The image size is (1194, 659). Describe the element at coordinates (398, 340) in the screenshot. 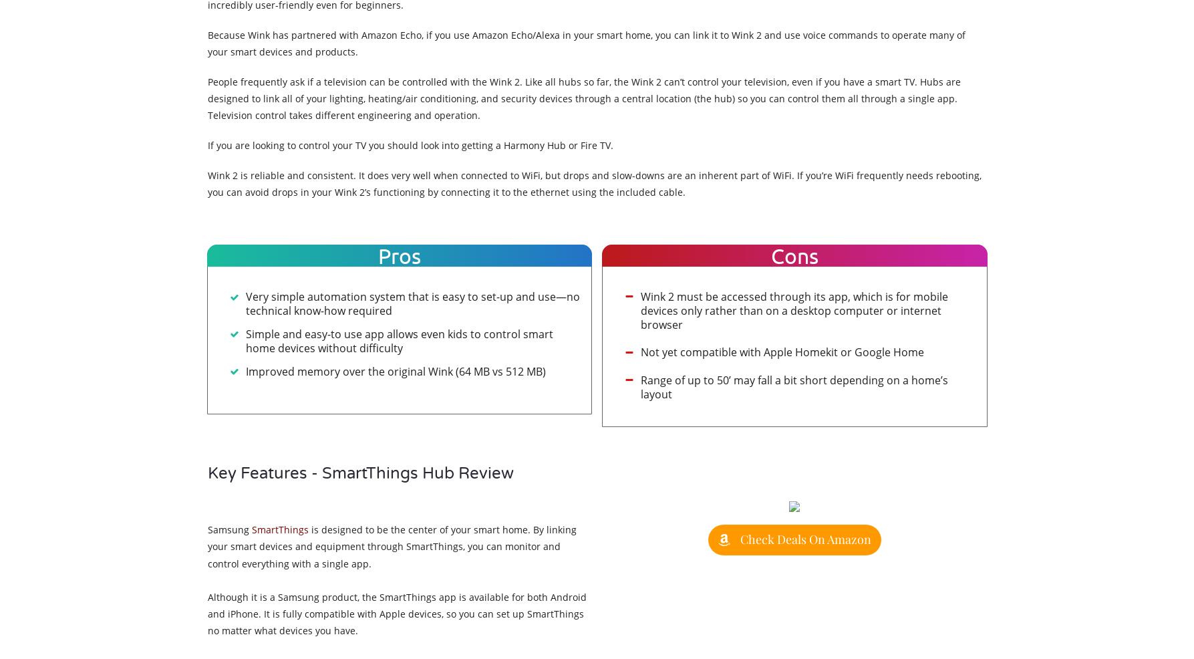

I see `'Simple and easy-to use app allows even kids to control smart home devices without difficulty'` at that location.